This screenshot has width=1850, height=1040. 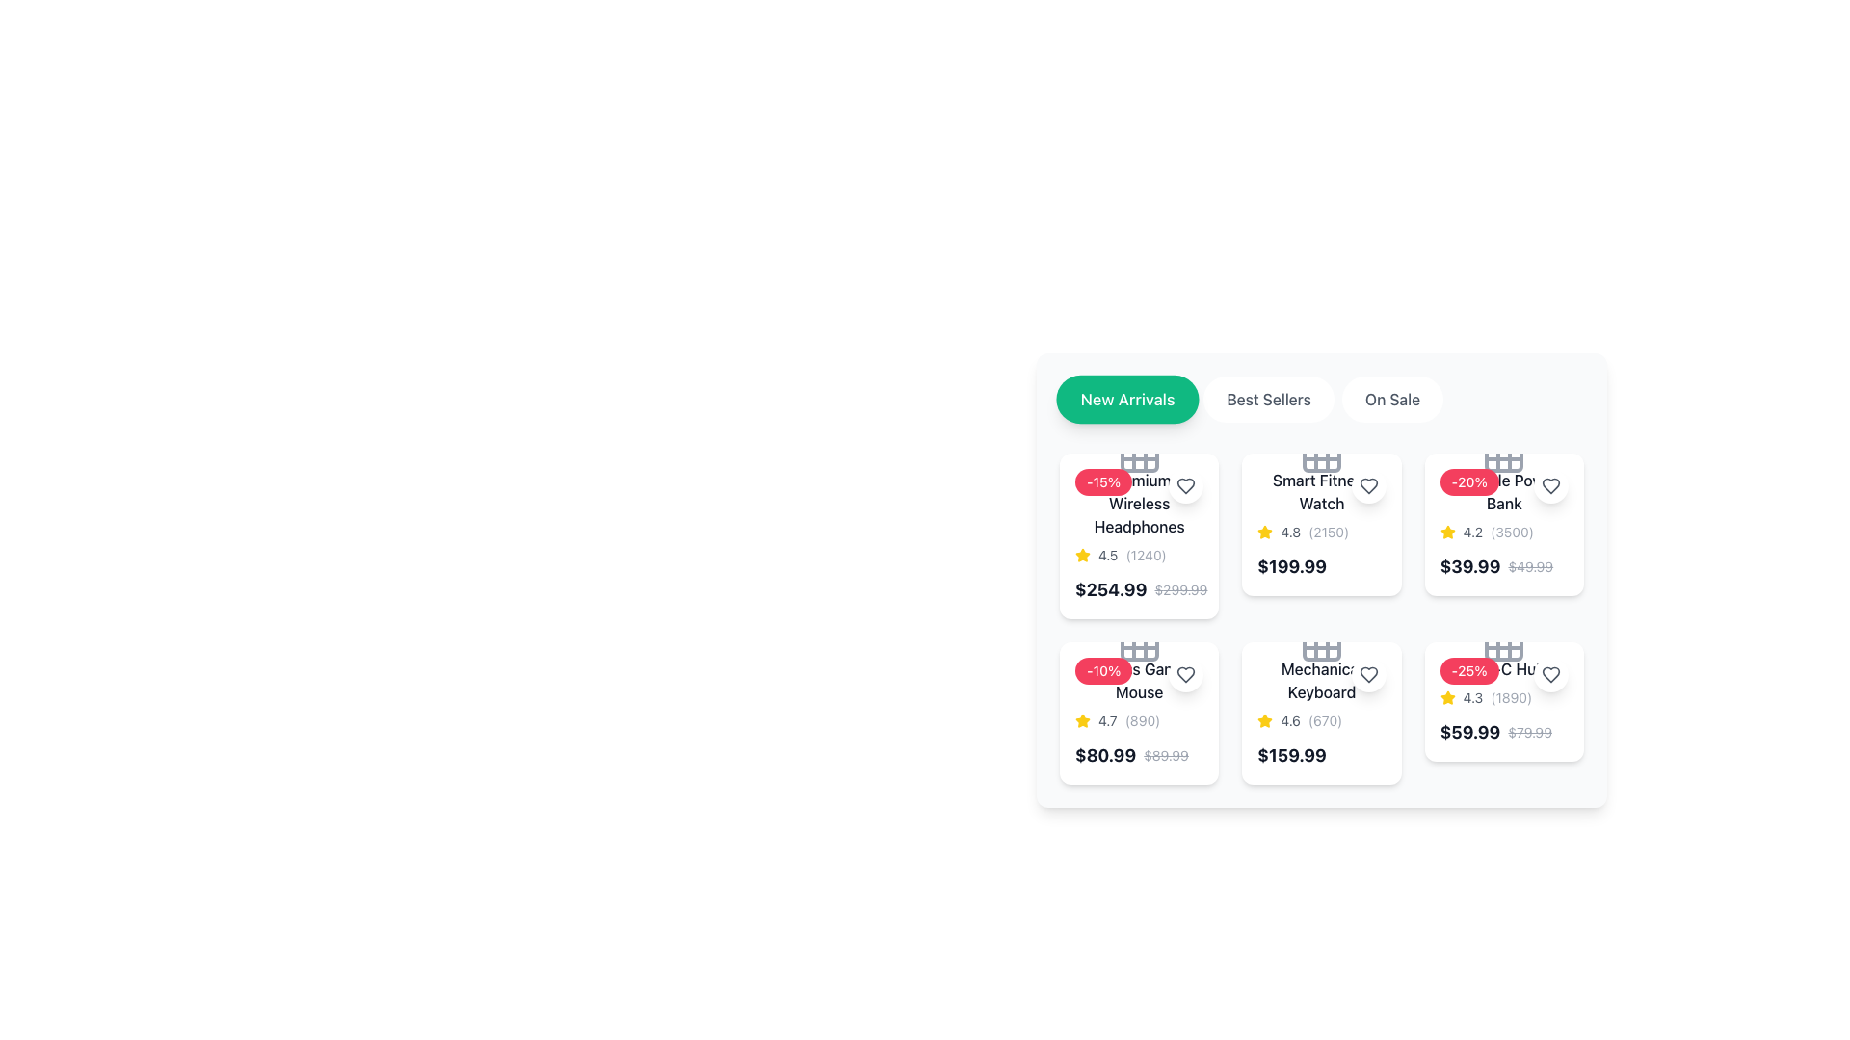 What do you see at coordinates (1503, 698) in the screenshot?
I see `the rating display element that shows a yellow star icon and the rating text '4.3' followed by '(1890)'` at bounding box center [1503, 698].